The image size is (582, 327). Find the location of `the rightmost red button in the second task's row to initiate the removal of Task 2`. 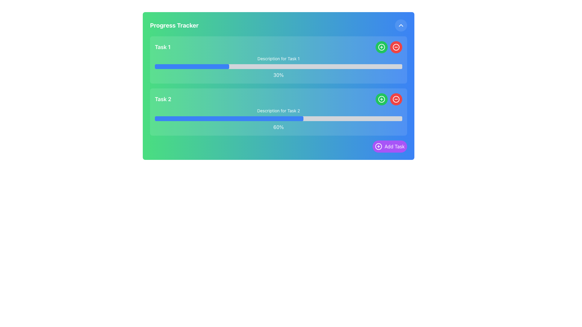

the rightmost red button in the second task's row to initiate the removal of Task 2 is located at coordinates (396, 99).